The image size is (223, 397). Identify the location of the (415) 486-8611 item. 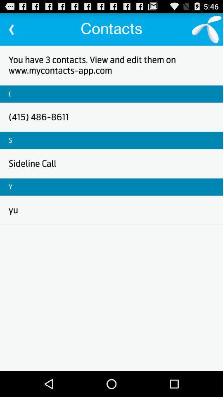
(38, 117).